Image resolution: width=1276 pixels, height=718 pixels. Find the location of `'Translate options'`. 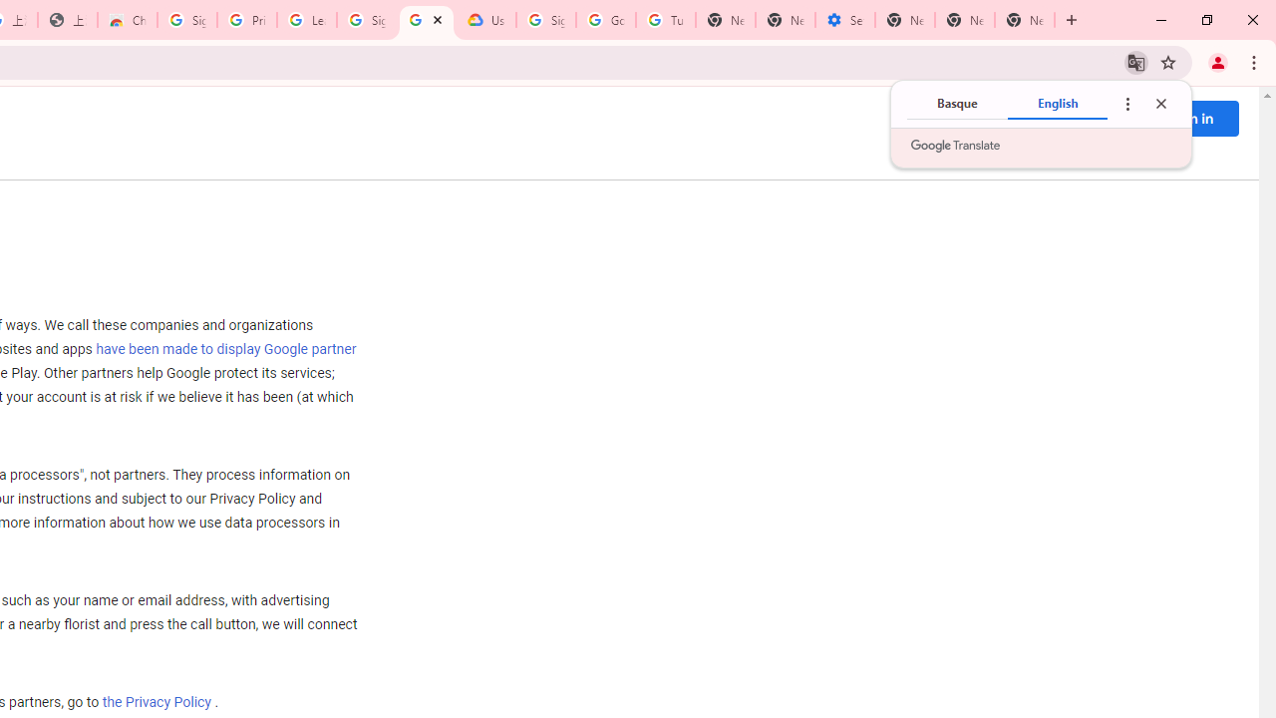

'Translate options' is located at coordinates (1126, 104).